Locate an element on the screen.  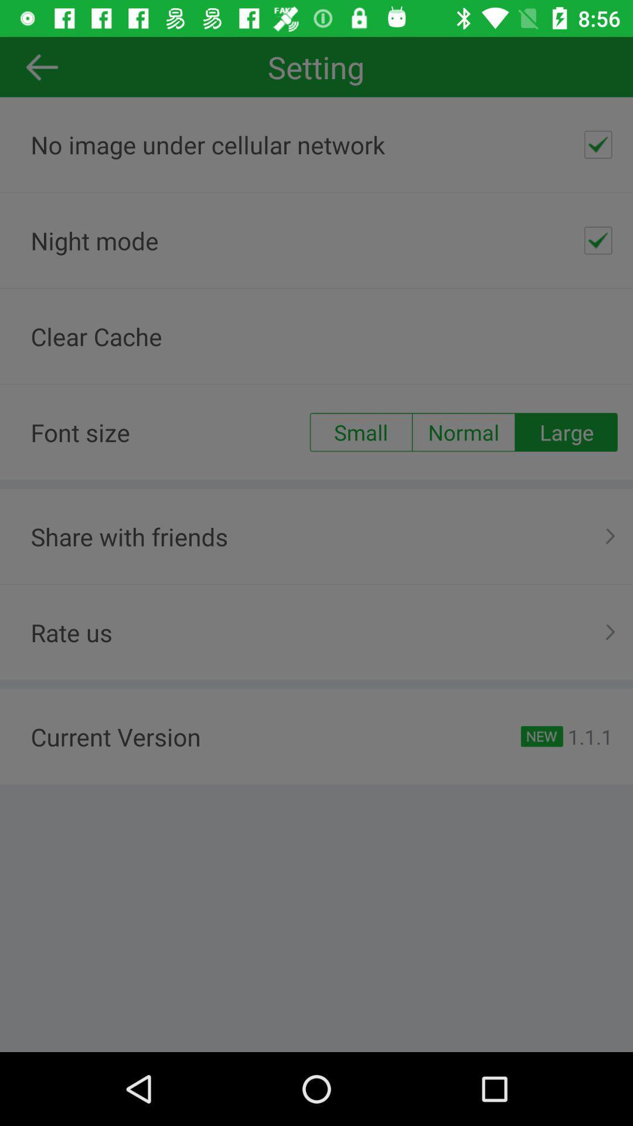
the normal radio button is located at coordinates (463, 432).